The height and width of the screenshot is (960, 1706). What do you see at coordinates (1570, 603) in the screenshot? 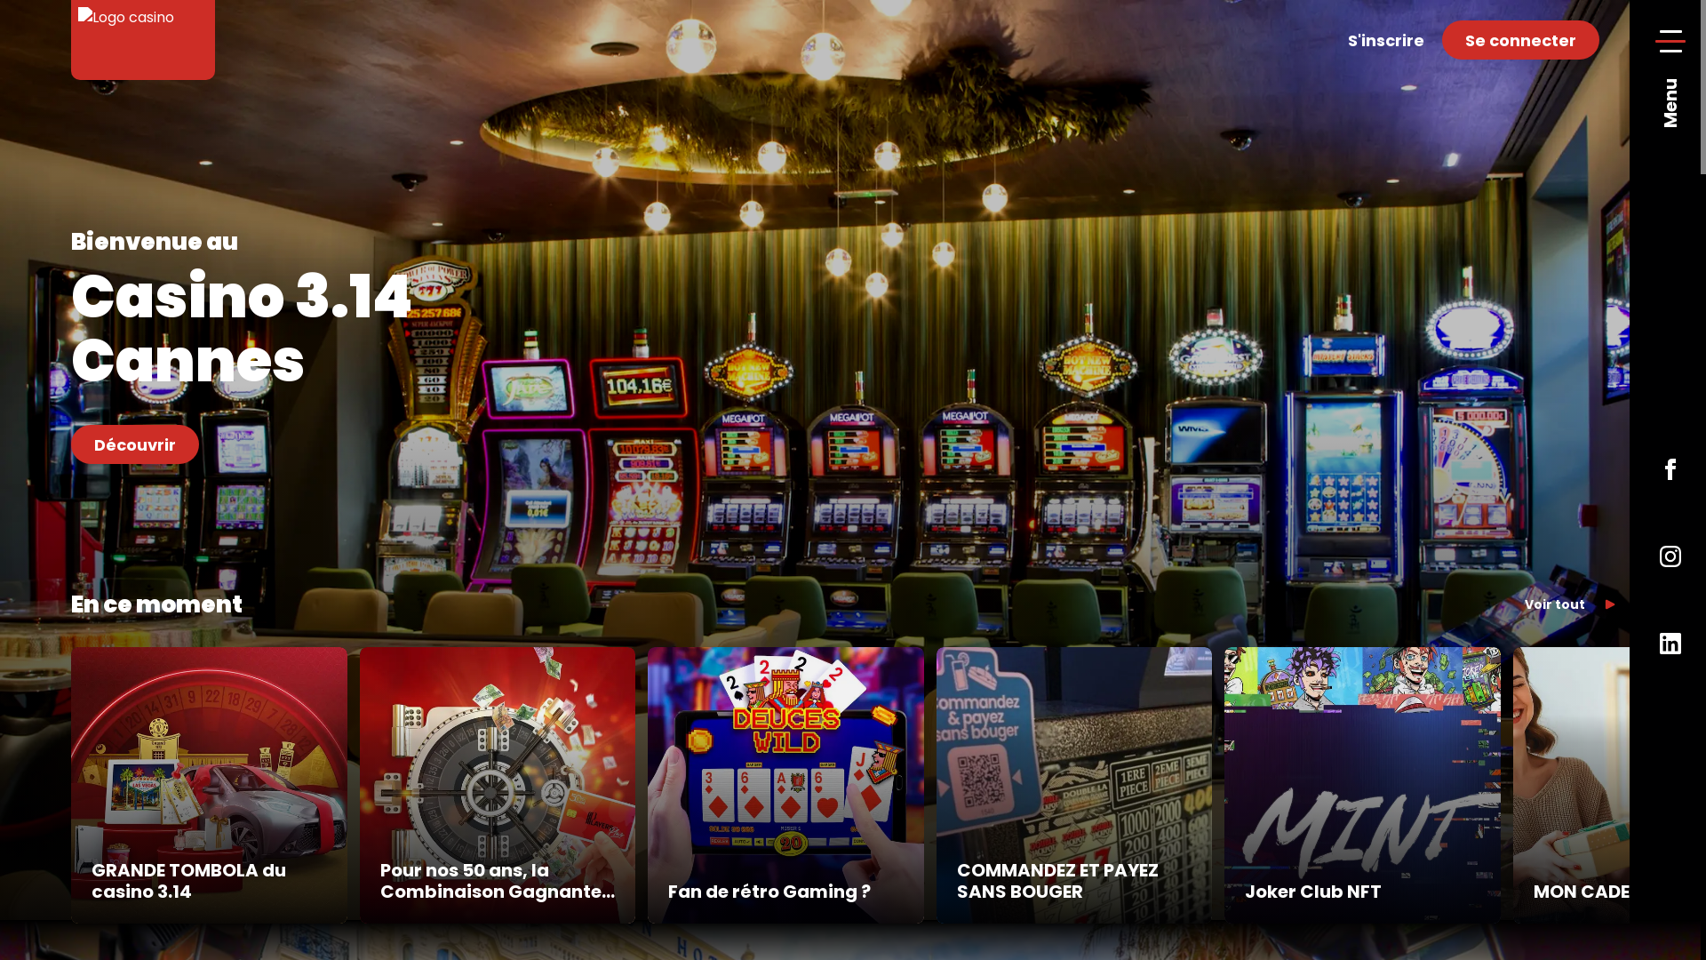
I see `'Voir tout'` at bounding box center [1570, 603].